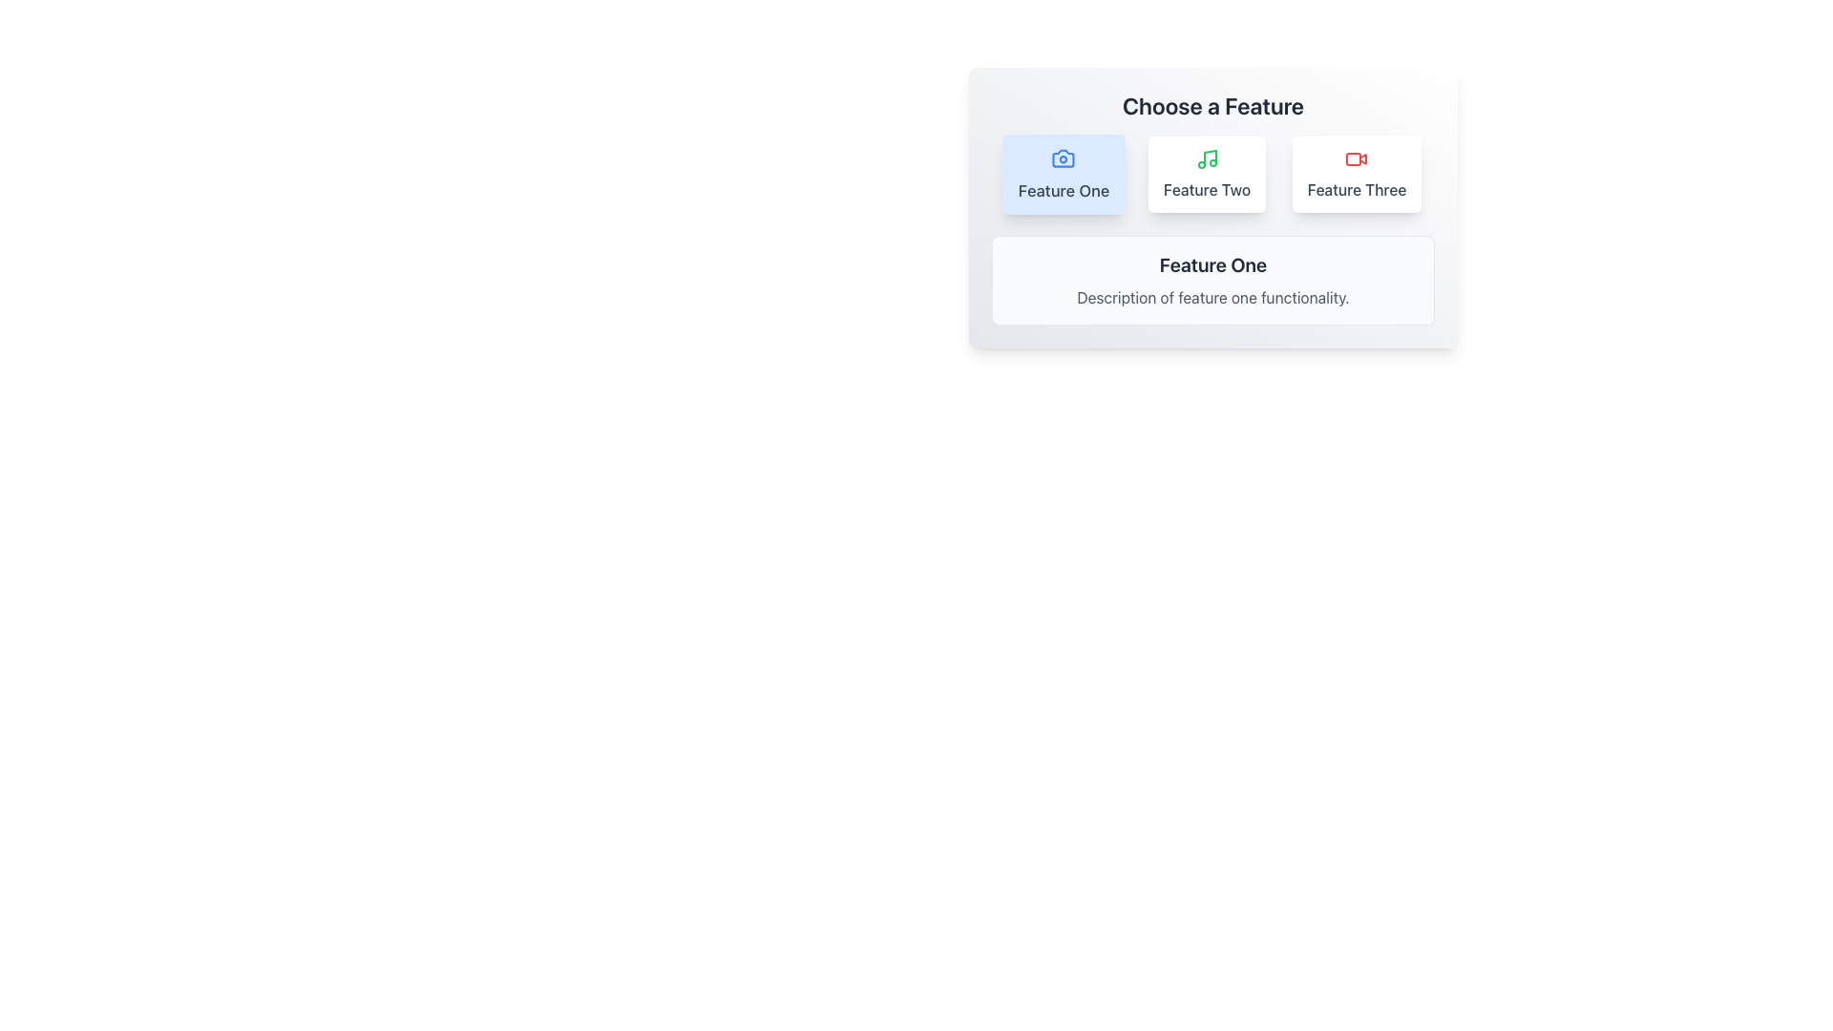  What do you see at coordinates (1206, 158) in the screenshot?
I see `the 'Feature Two' icon in the selection menu` at bounding box center [1206, 158].